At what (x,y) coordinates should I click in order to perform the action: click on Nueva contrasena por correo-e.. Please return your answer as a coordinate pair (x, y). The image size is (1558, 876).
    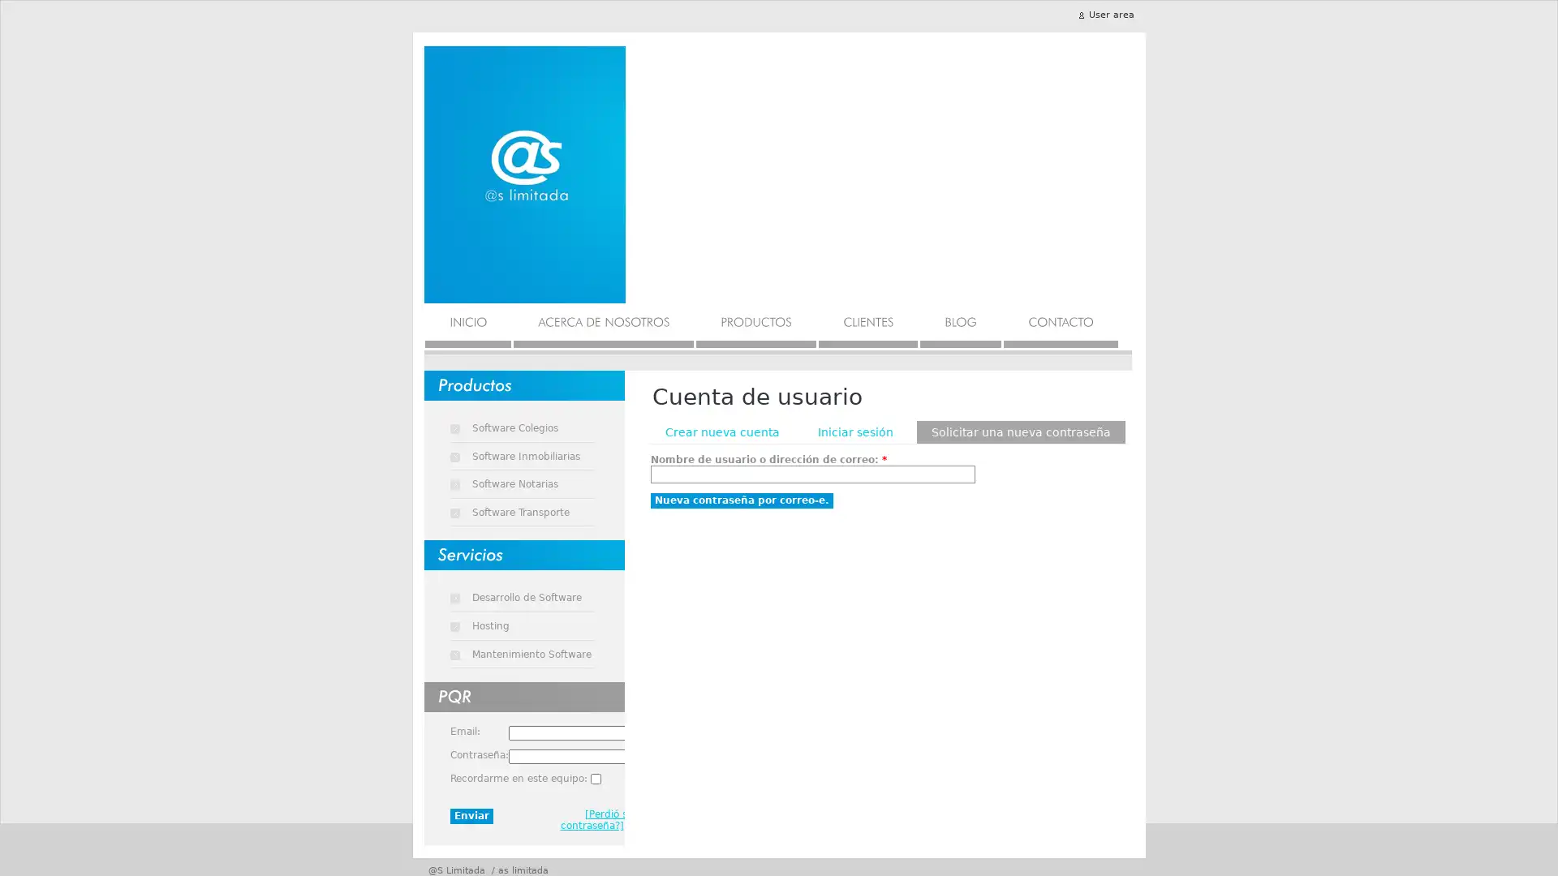
    Looking at the image, I should click on (740, 500).